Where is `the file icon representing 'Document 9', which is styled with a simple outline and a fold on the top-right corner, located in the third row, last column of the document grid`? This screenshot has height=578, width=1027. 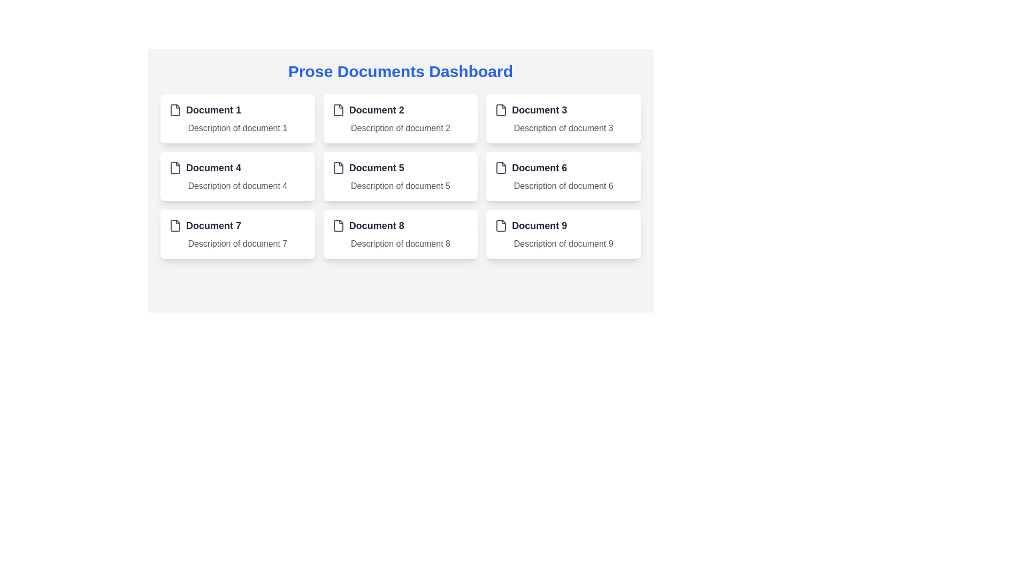 the file icon representing 'Document 9', which is styled with a simple outline and a fold on the top-right corner, located in the third row, last column of the document grid is located at coordinates (501, 225).